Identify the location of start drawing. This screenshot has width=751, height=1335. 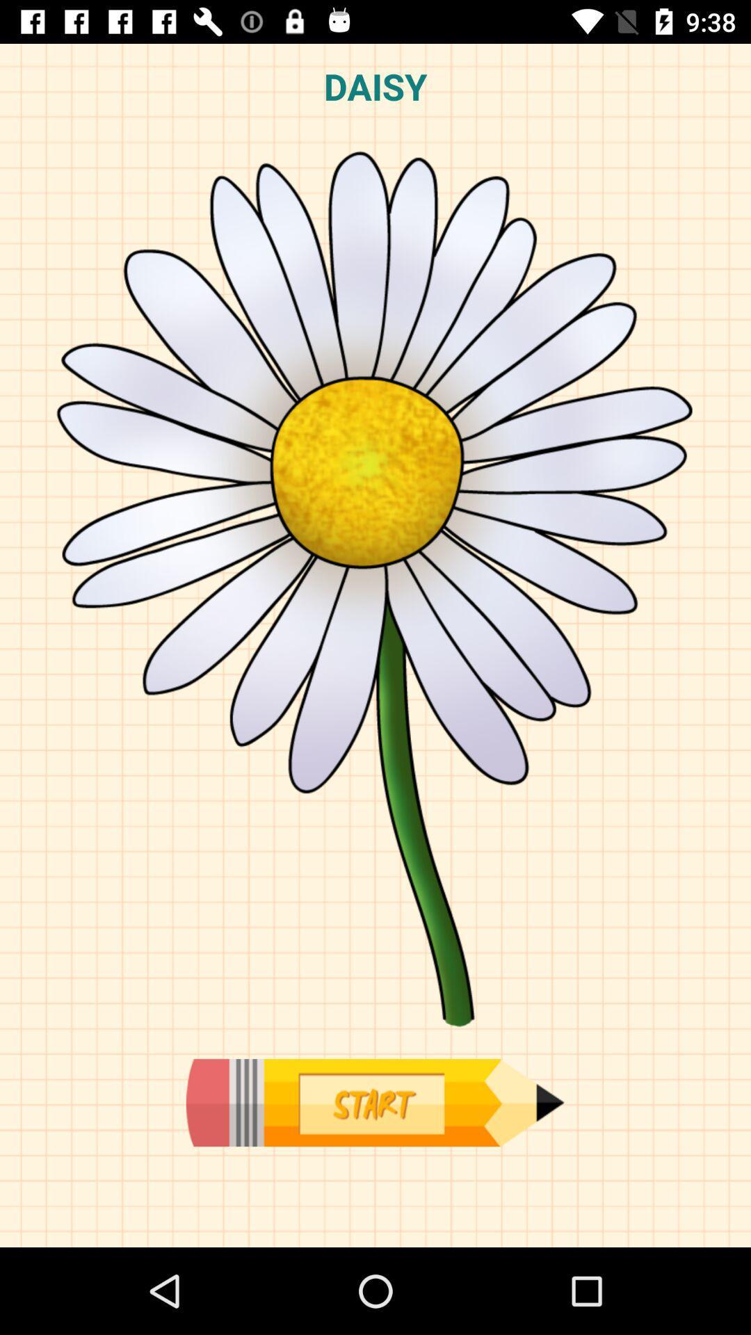
(374, 1102).